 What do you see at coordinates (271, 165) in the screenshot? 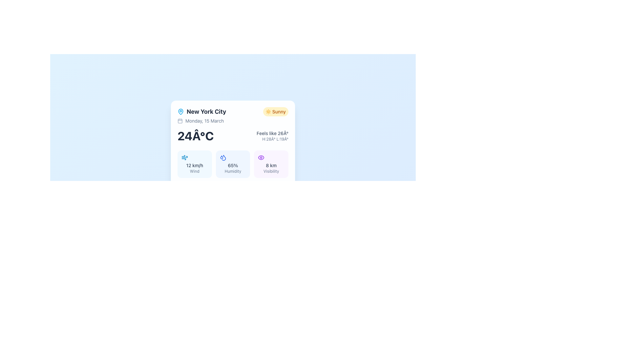
I see `the static label displaying visibility distance in kilometers, located below the eye icon and above the 'Visibility' label` at bounding box center [271, 165].